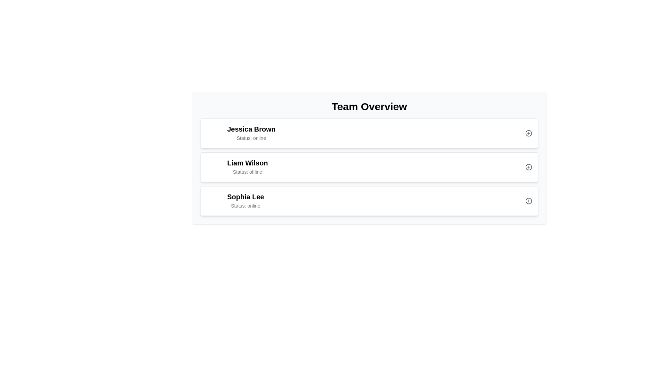 Image resolution: width=664 pixels, height=373 pixels. I want to click on name and status of the team member represented by the third list item in a vertical list, located below 'Jessica Brown' and 'Liam Wilson', so click(235, 201).